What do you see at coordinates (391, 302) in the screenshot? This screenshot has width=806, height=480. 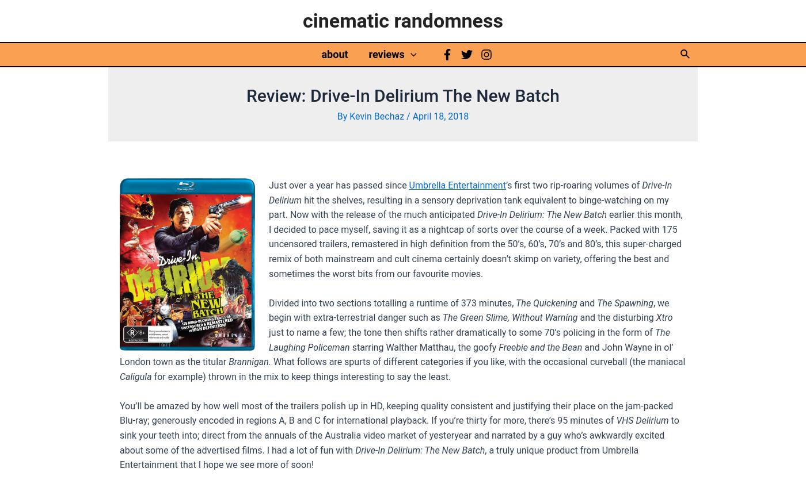 I see `'Divided into two sections totalling a runtime of 373 minutes,'` at bounding box center [391, 302].